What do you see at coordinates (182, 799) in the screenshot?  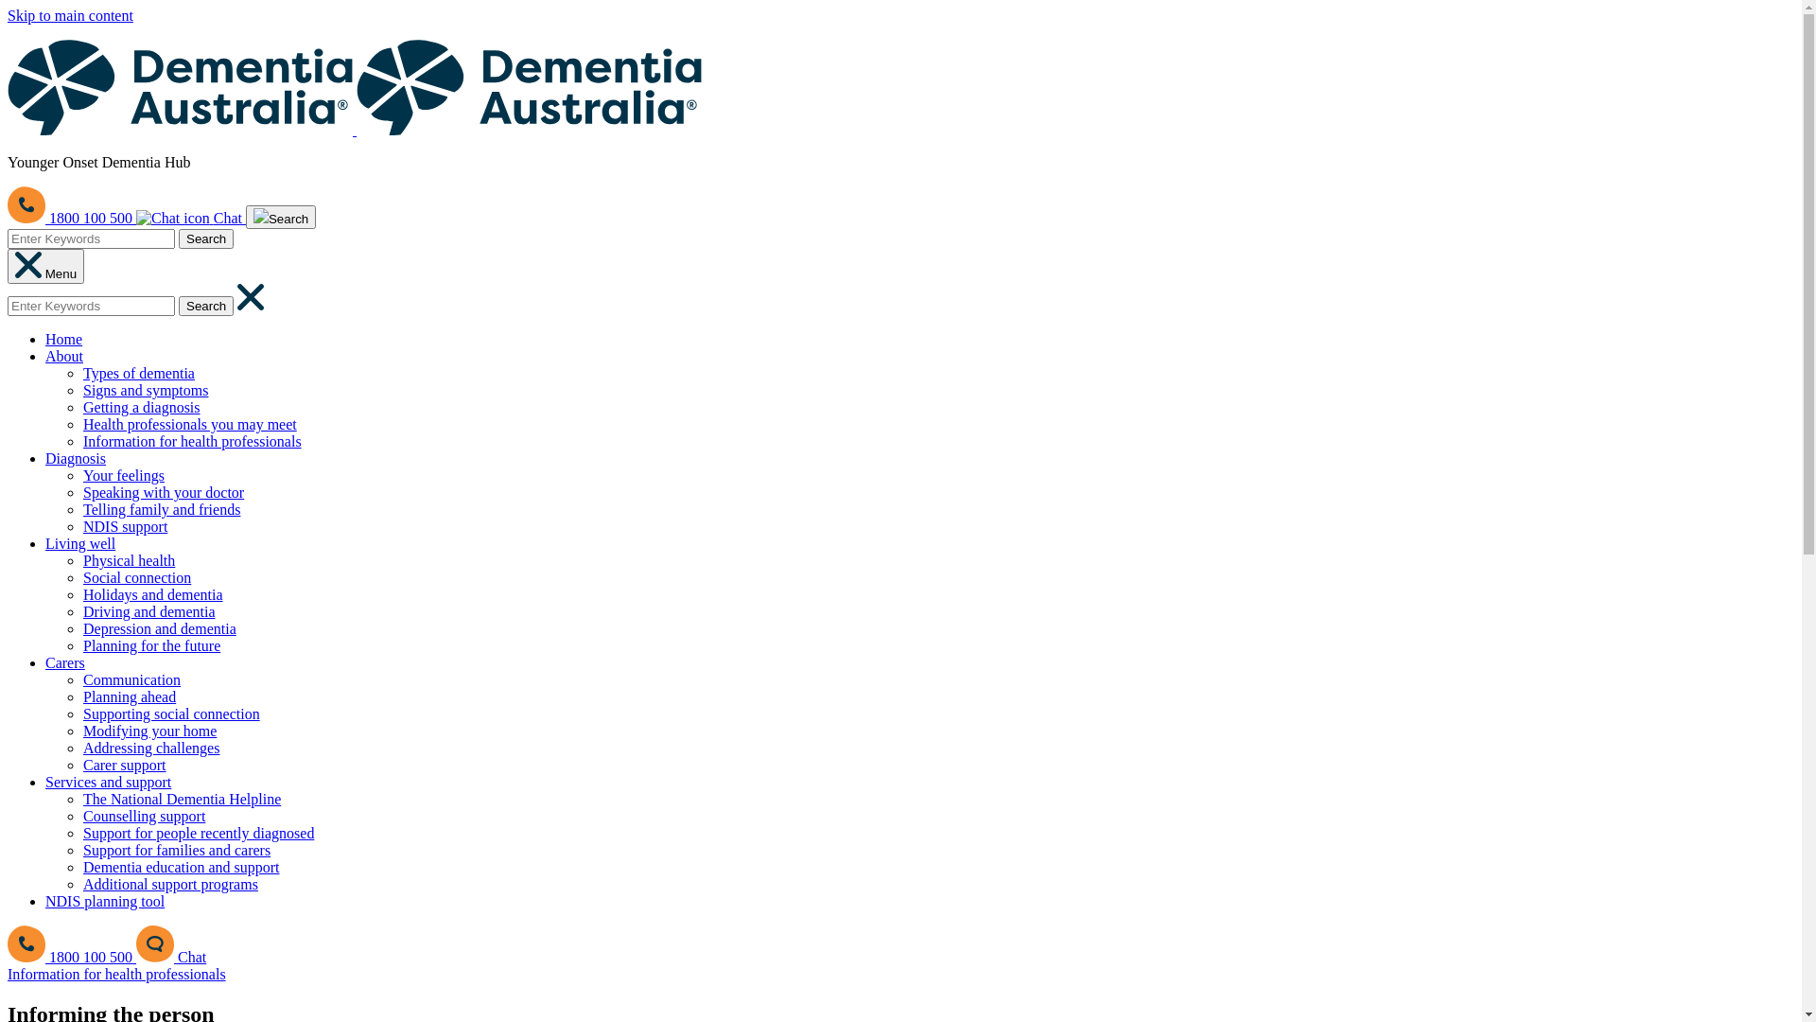 I see `'The National Dementia Helpline'` at bounding box center [182, 799].